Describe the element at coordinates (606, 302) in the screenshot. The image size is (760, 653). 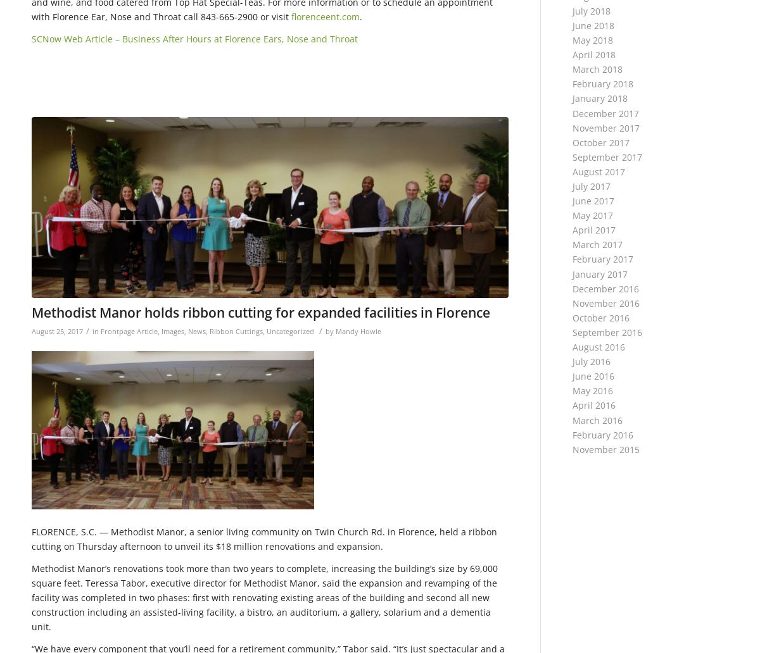
I see `'November 2016'` at that location.